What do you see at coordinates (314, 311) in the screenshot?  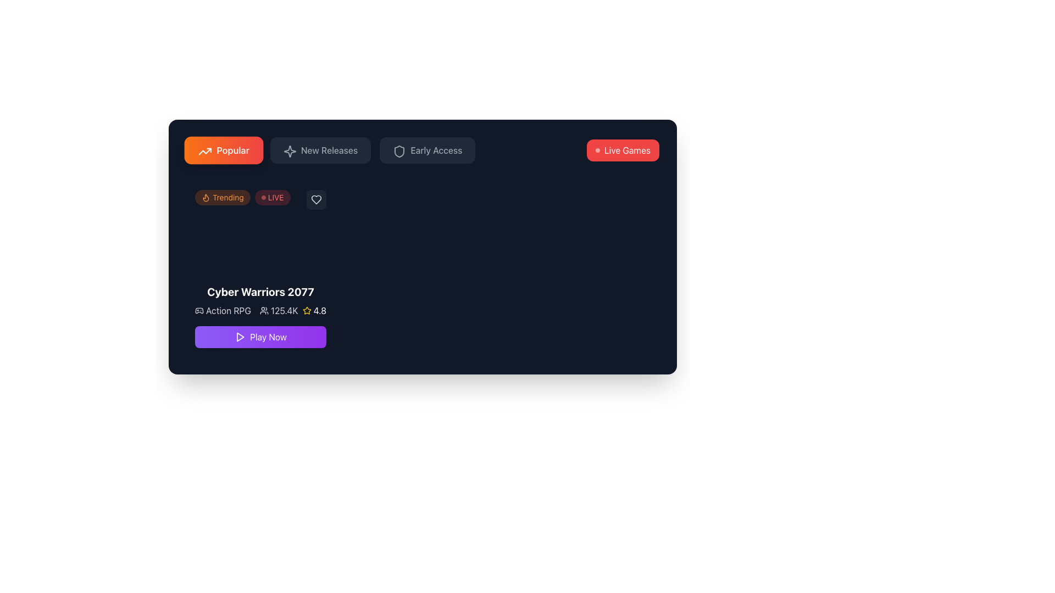 I see `the rating display element which consists of a yellow hollow star icon followed by the text '4.8' to inspect rating details` at bounding box center [314, 311].